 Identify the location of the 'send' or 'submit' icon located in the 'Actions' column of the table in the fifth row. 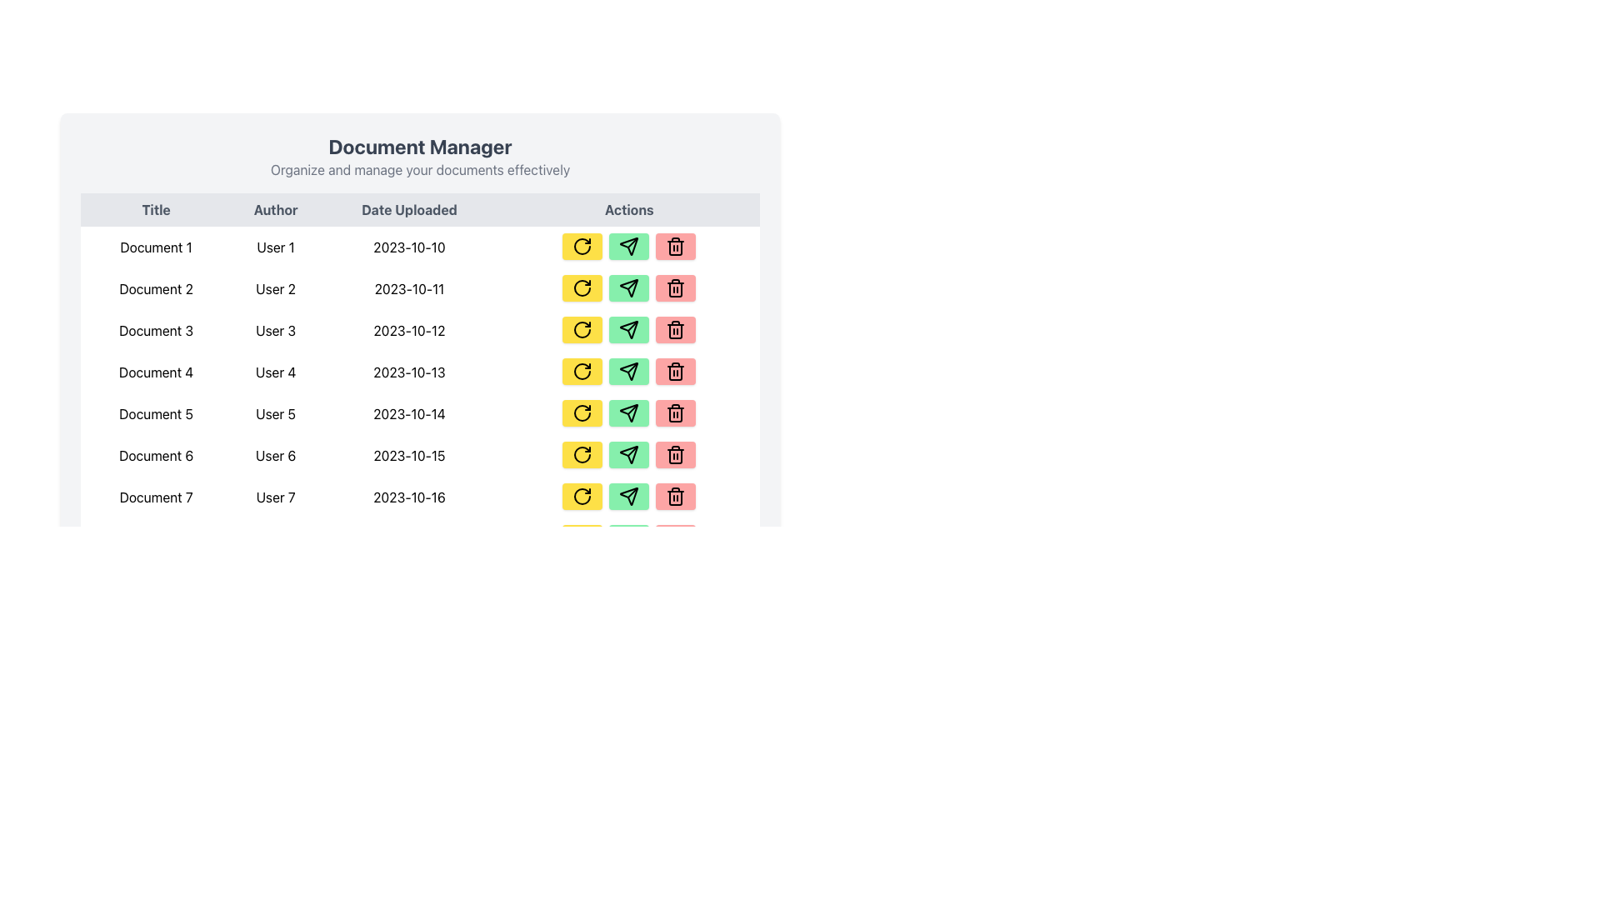
(628, 412).